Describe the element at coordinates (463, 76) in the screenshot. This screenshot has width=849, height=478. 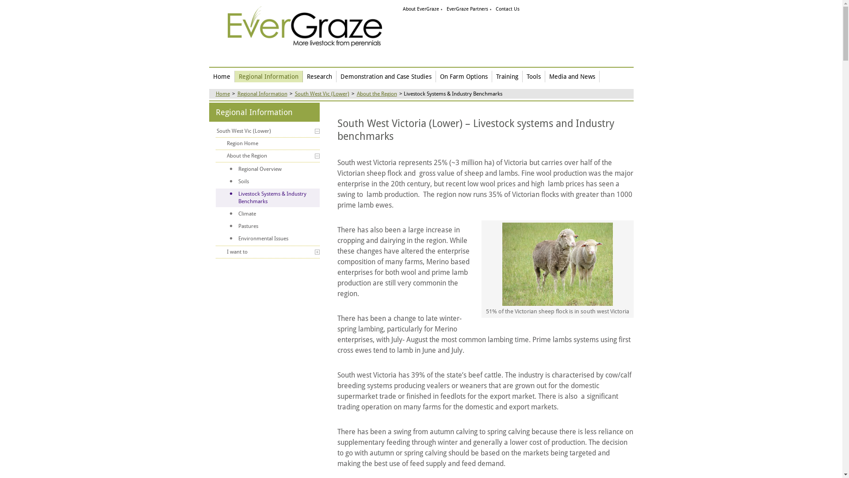
I see `'On Farm Options'` at that location.